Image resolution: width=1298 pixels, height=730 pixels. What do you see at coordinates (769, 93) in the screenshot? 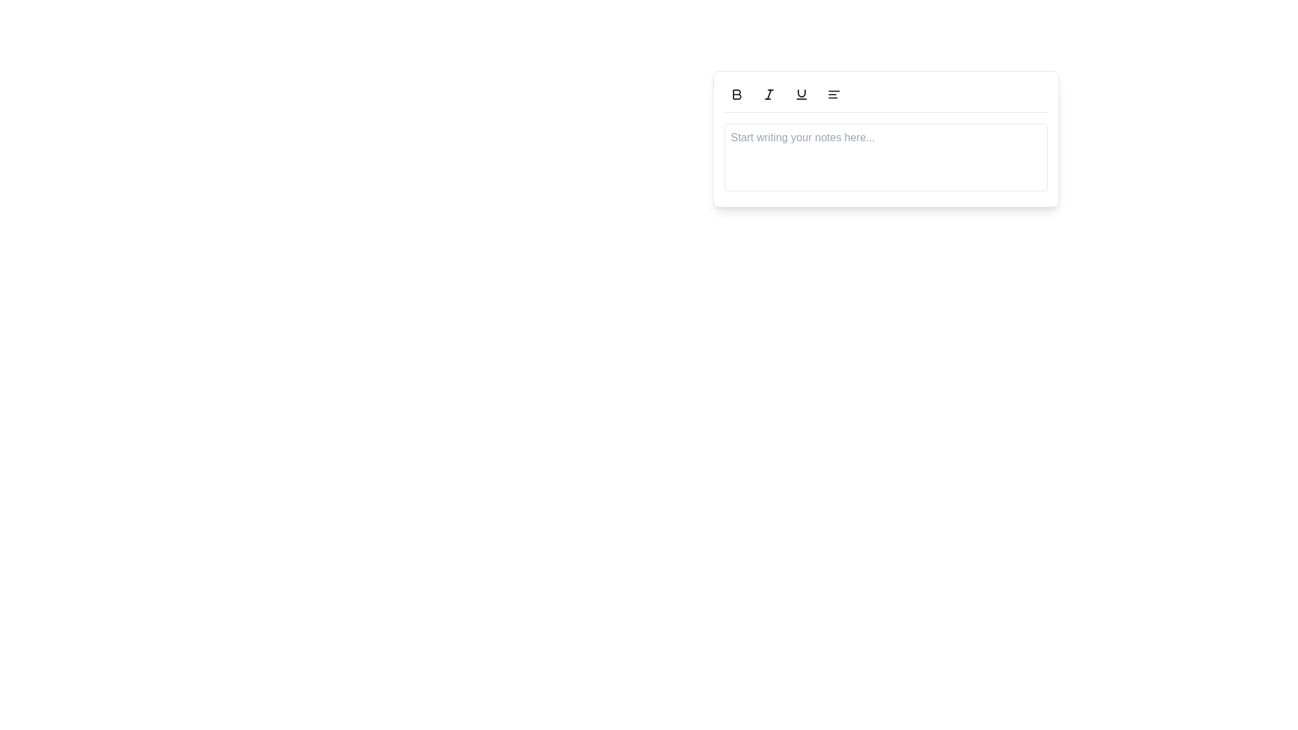
I see `the italic formatting button, which is the second button in the row of text formatting options` at bounding box center [769, 93].